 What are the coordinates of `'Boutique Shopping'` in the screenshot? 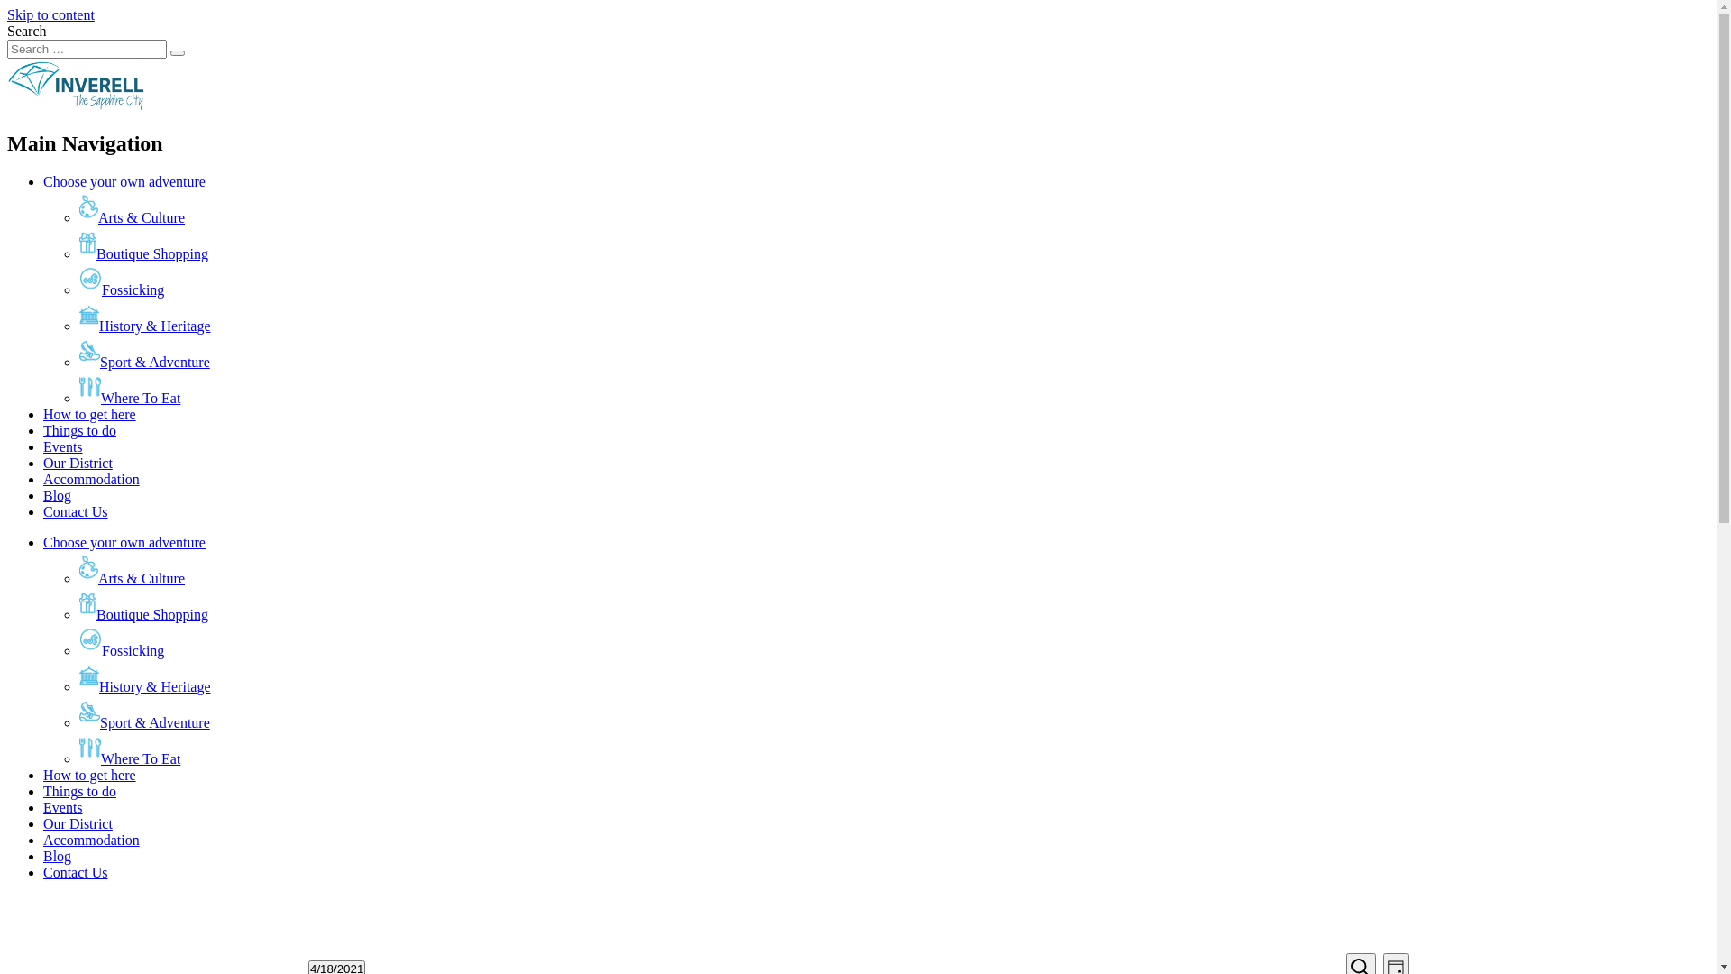 It's located at (142, 253).